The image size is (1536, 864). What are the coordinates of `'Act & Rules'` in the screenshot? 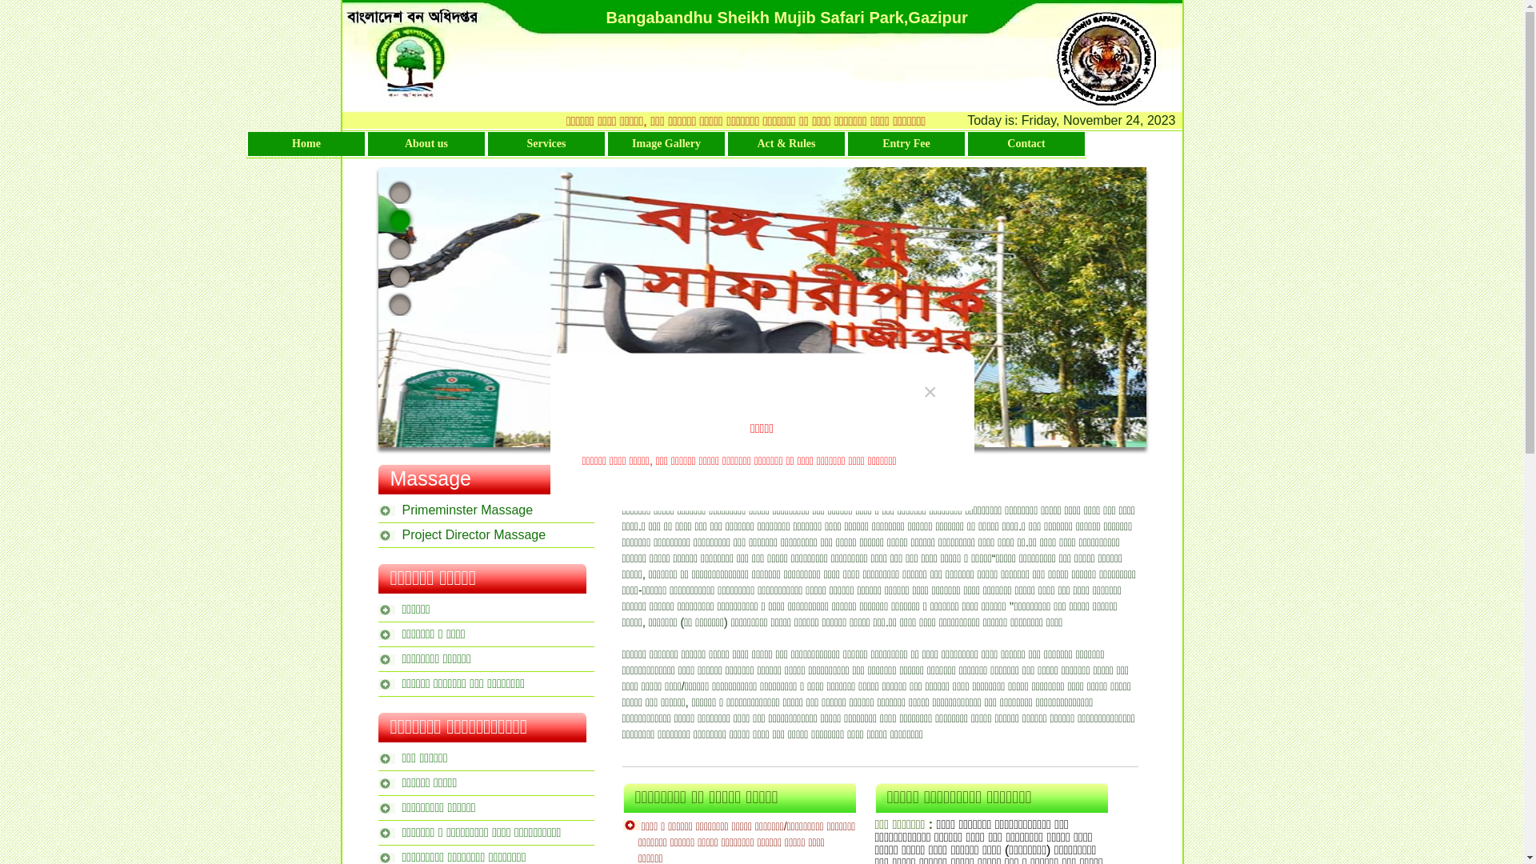 It's located at (727, 144).